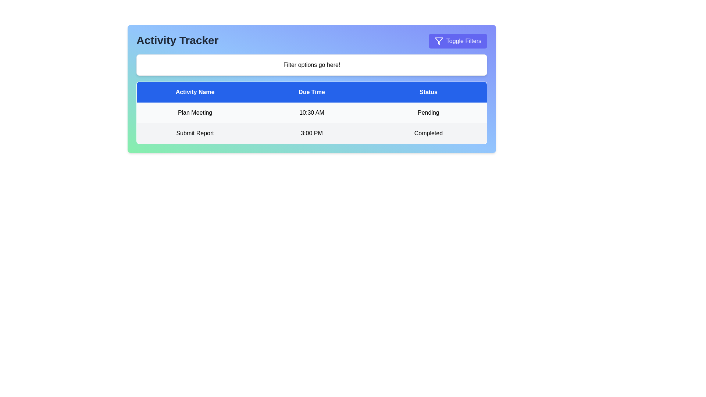  I want to click on the 'Submit Report' text label, which is centered in a table cell under the 'Activity Name' column of the second content row, so click(195, 133).